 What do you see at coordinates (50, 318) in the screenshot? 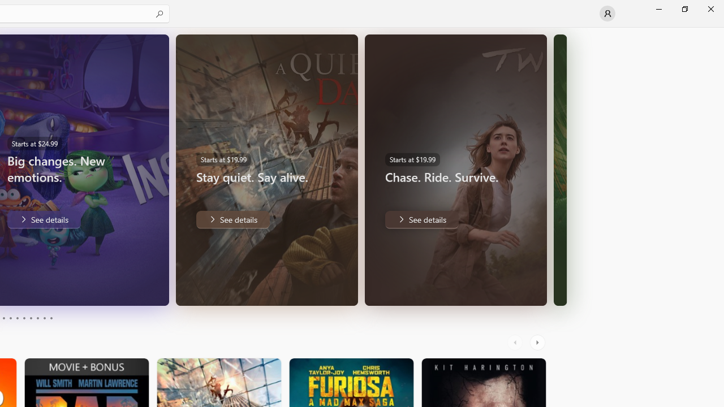
I see `'Page 10'` at bounding box center [50, 318].